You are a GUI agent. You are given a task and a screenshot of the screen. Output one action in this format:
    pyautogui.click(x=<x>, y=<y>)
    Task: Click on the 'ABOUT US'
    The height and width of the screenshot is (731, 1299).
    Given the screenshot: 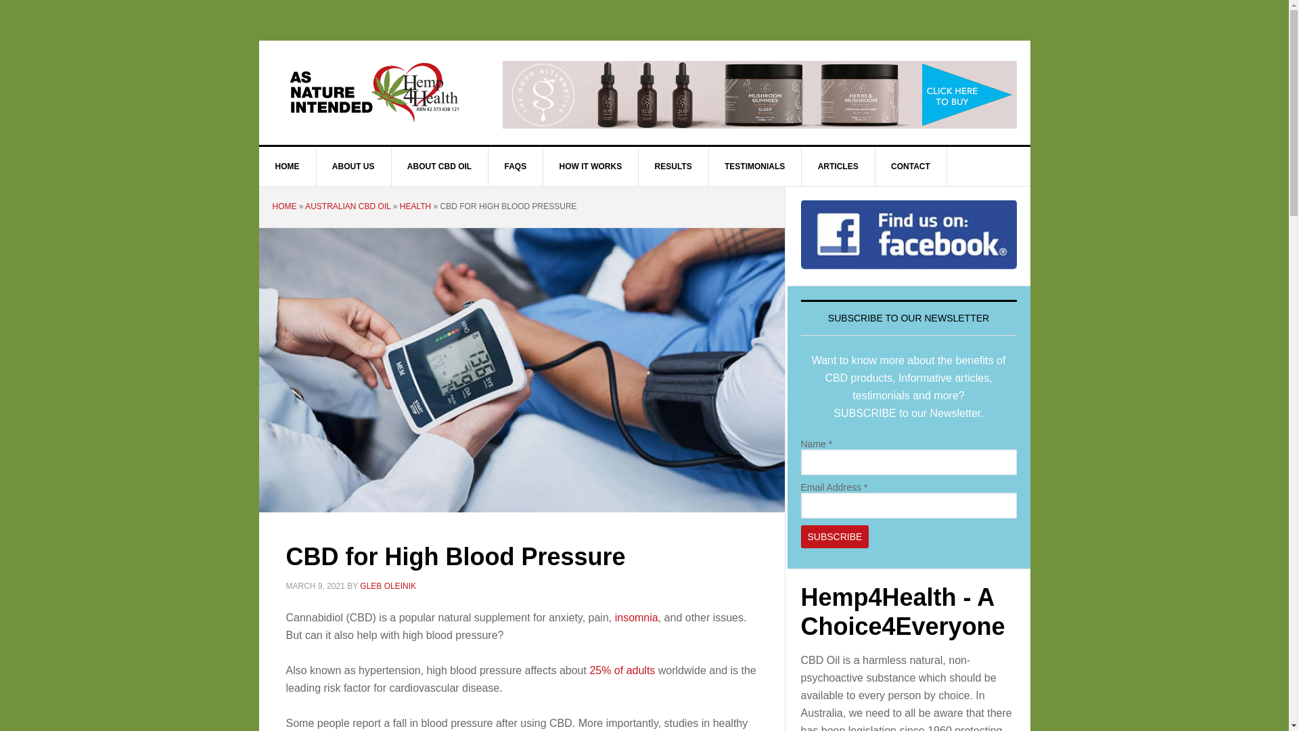 What is the action you would take?
    pyautogui.click(x=354, y=166)
    